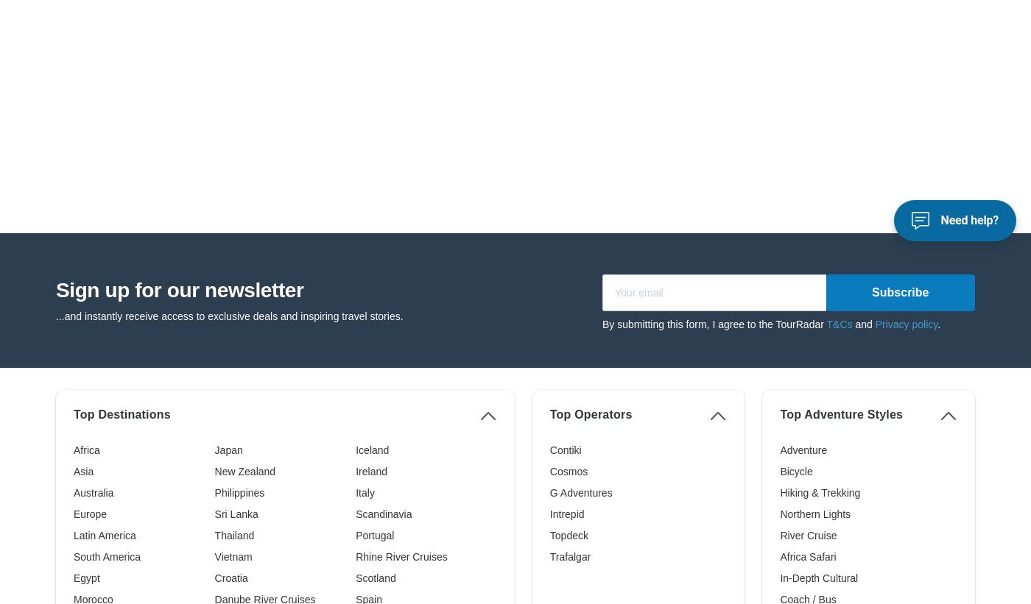 The image size is (1031, 604). What do you see at coordinates (580, 256) in the screenshot?
I see `'G Adventures'` at bounding box center [580, 256].